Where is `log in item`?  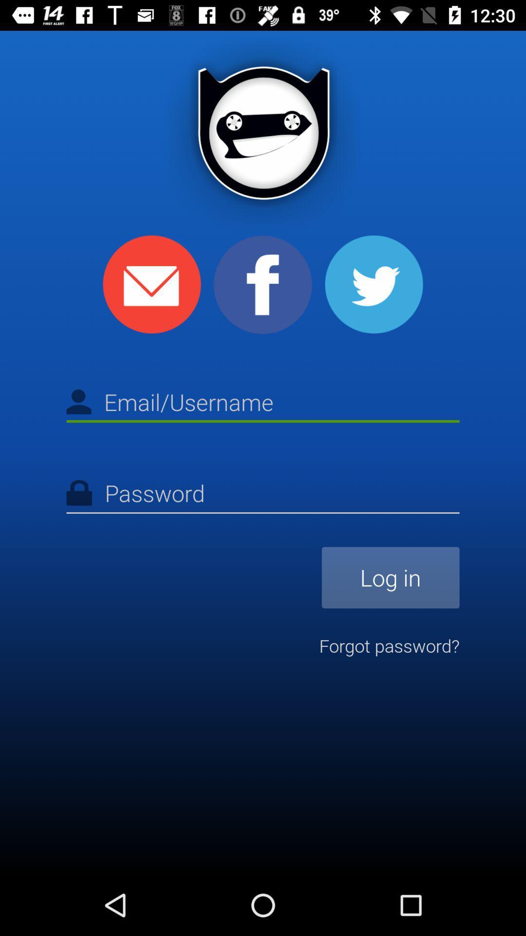 log in item is located at coordinates (390, 578).